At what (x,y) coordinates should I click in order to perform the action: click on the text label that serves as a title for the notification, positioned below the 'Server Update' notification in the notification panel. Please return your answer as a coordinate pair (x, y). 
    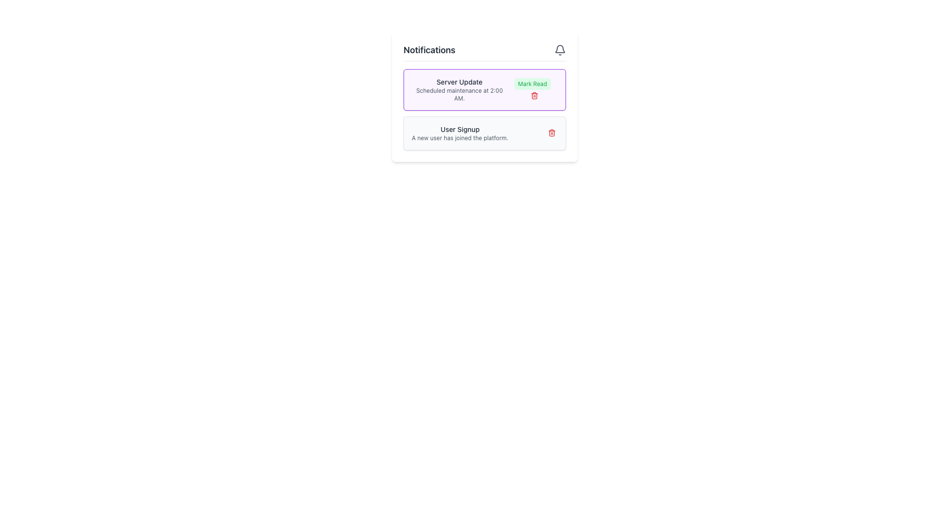
    Looking at the image, I should click on (459, 129).